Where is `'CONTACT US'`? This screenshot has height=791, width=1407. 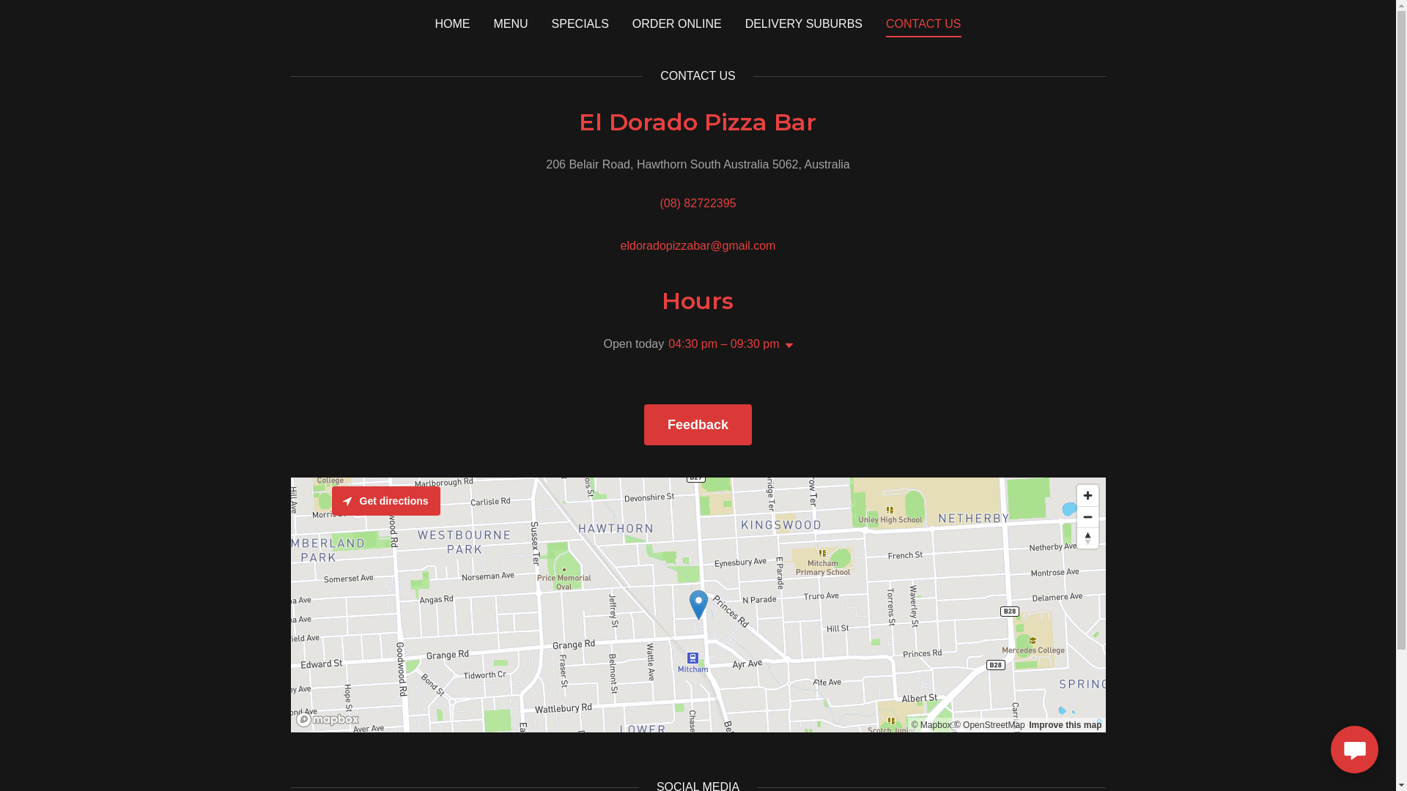
'CONTACT US' is located at coordinates (923, 26).